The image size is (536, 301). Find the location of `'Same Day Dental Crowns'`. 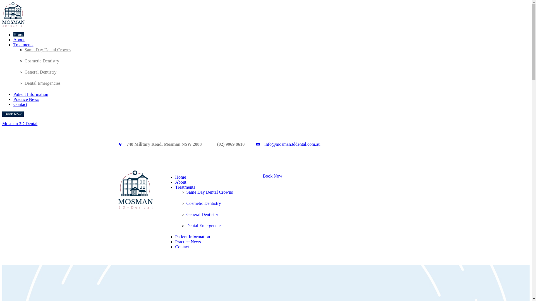

'Same Day Dental Crowns' is located at coordinates (48, 49).